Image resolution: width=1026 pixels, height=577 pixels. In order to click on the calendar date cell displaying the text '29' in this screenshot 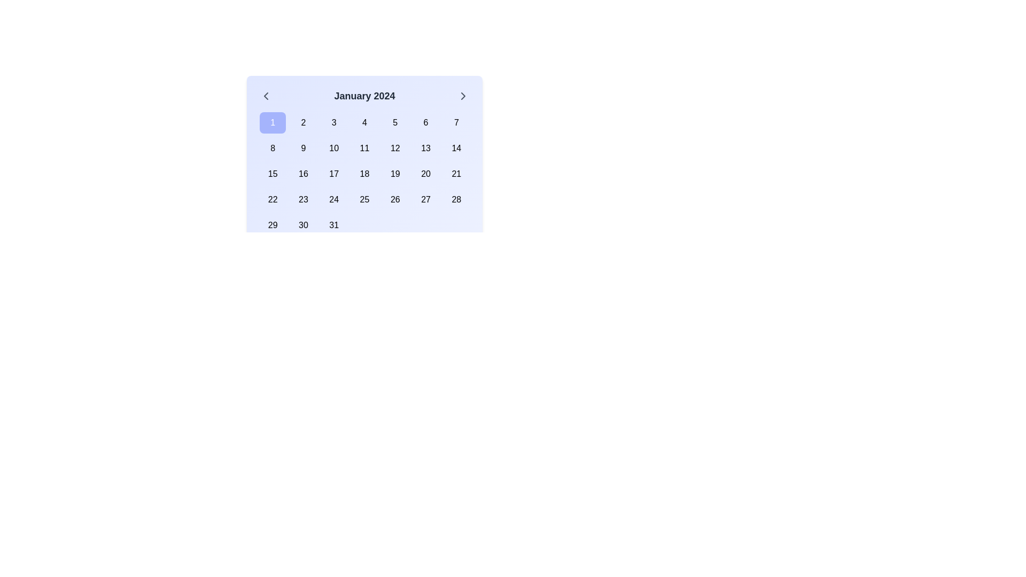, I will do `click(273, 224)`.